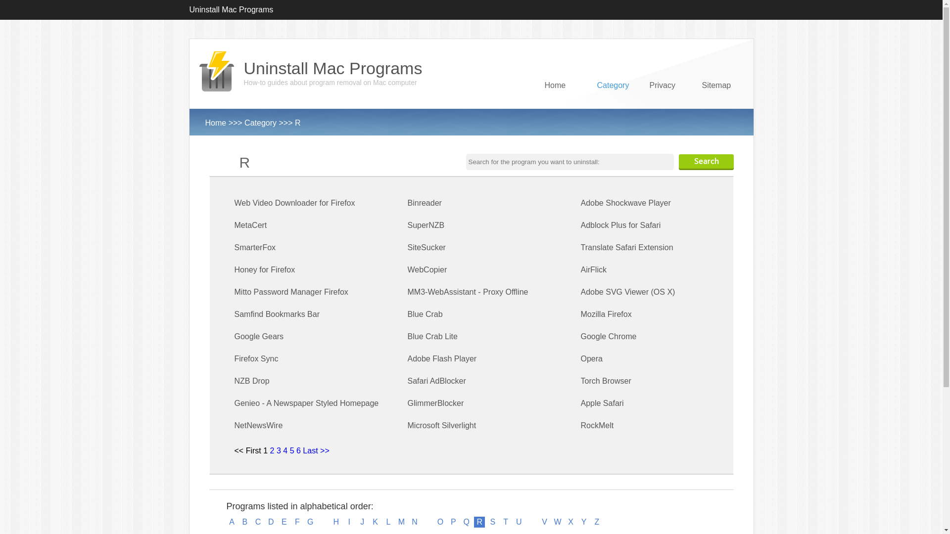 The height and width of the screenshot is (534, 950). I want to click on 'I', so click(349, 522).